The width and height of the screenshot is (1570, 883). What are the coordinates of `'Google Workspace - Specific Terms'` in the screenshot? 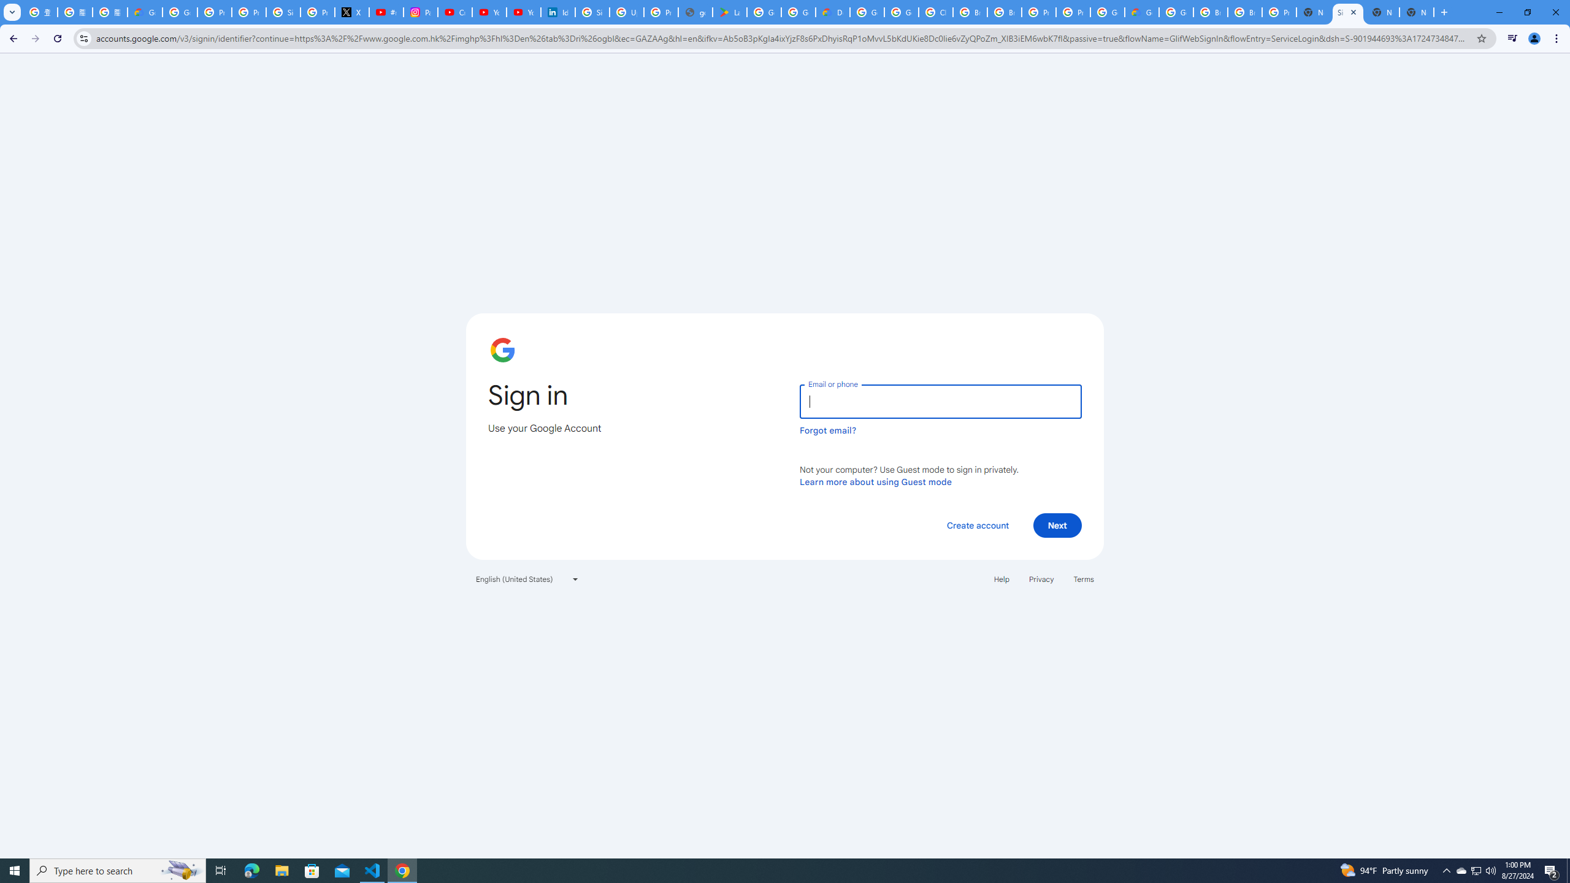 It's located at (797, 12).